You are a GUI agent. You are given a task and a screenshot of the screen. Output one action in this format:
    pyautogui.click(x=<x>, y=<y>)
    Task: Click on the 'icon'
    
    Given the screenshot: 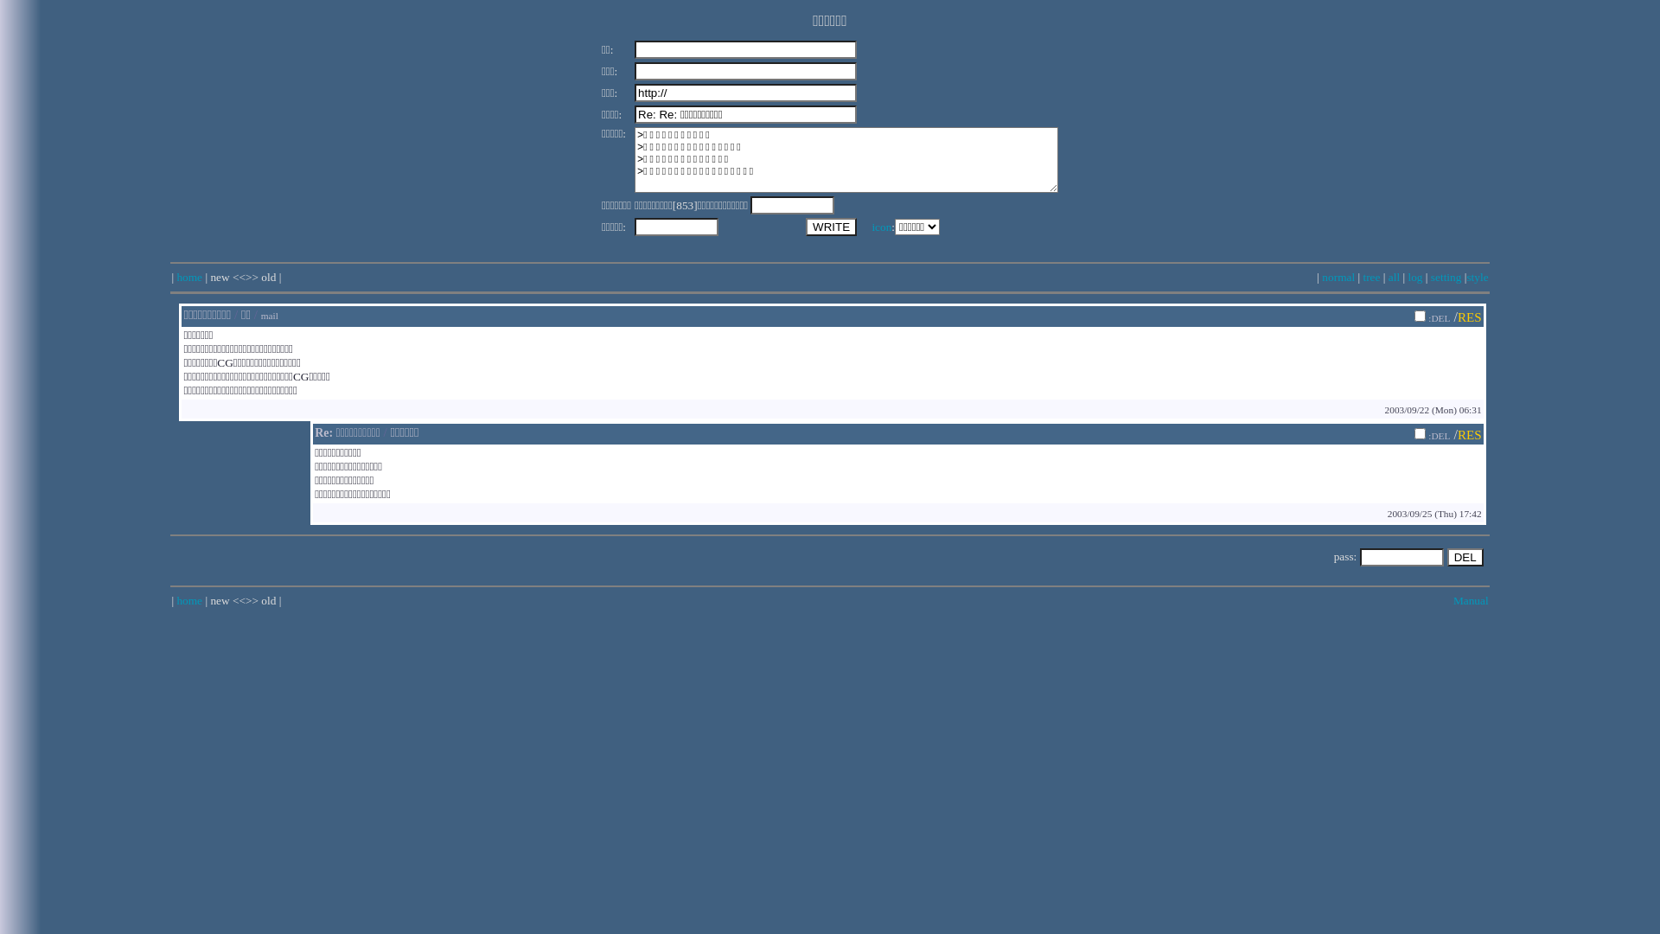 What is the action you would take?
    pyautogui.click(x=871, y=226)
    